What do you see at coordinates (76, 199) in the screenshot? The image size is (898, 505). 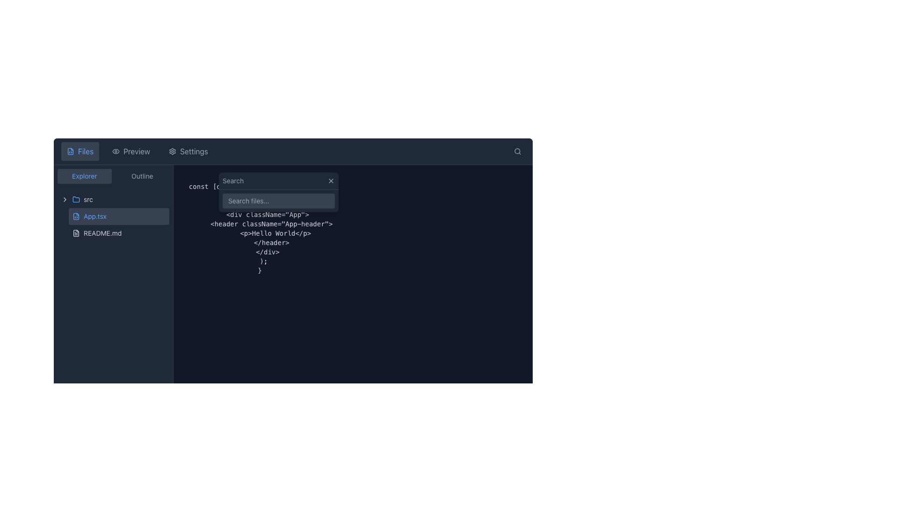 I see `the folder icon located in the sidebar next to the 'src' label` at bounding box center [76, 199].